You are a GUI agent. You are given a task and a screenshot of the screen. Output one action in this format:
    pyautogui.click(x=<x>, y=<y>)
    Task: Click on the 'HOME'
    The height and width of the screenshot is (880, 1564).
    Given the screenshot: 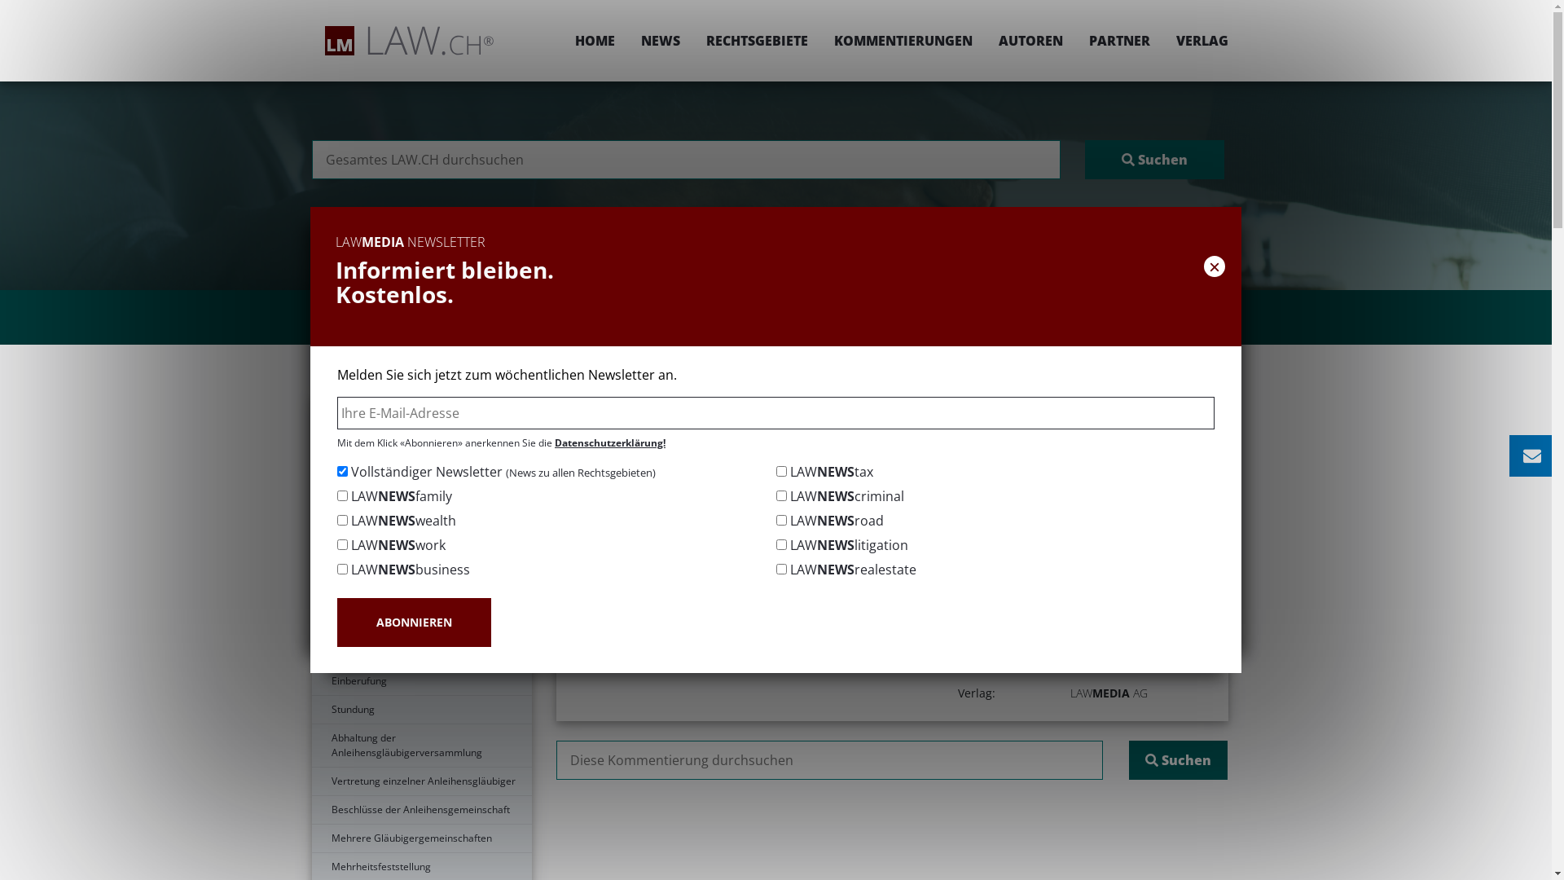 What is the action you would take?
    pyautogui.click(x=562, y=40)
    